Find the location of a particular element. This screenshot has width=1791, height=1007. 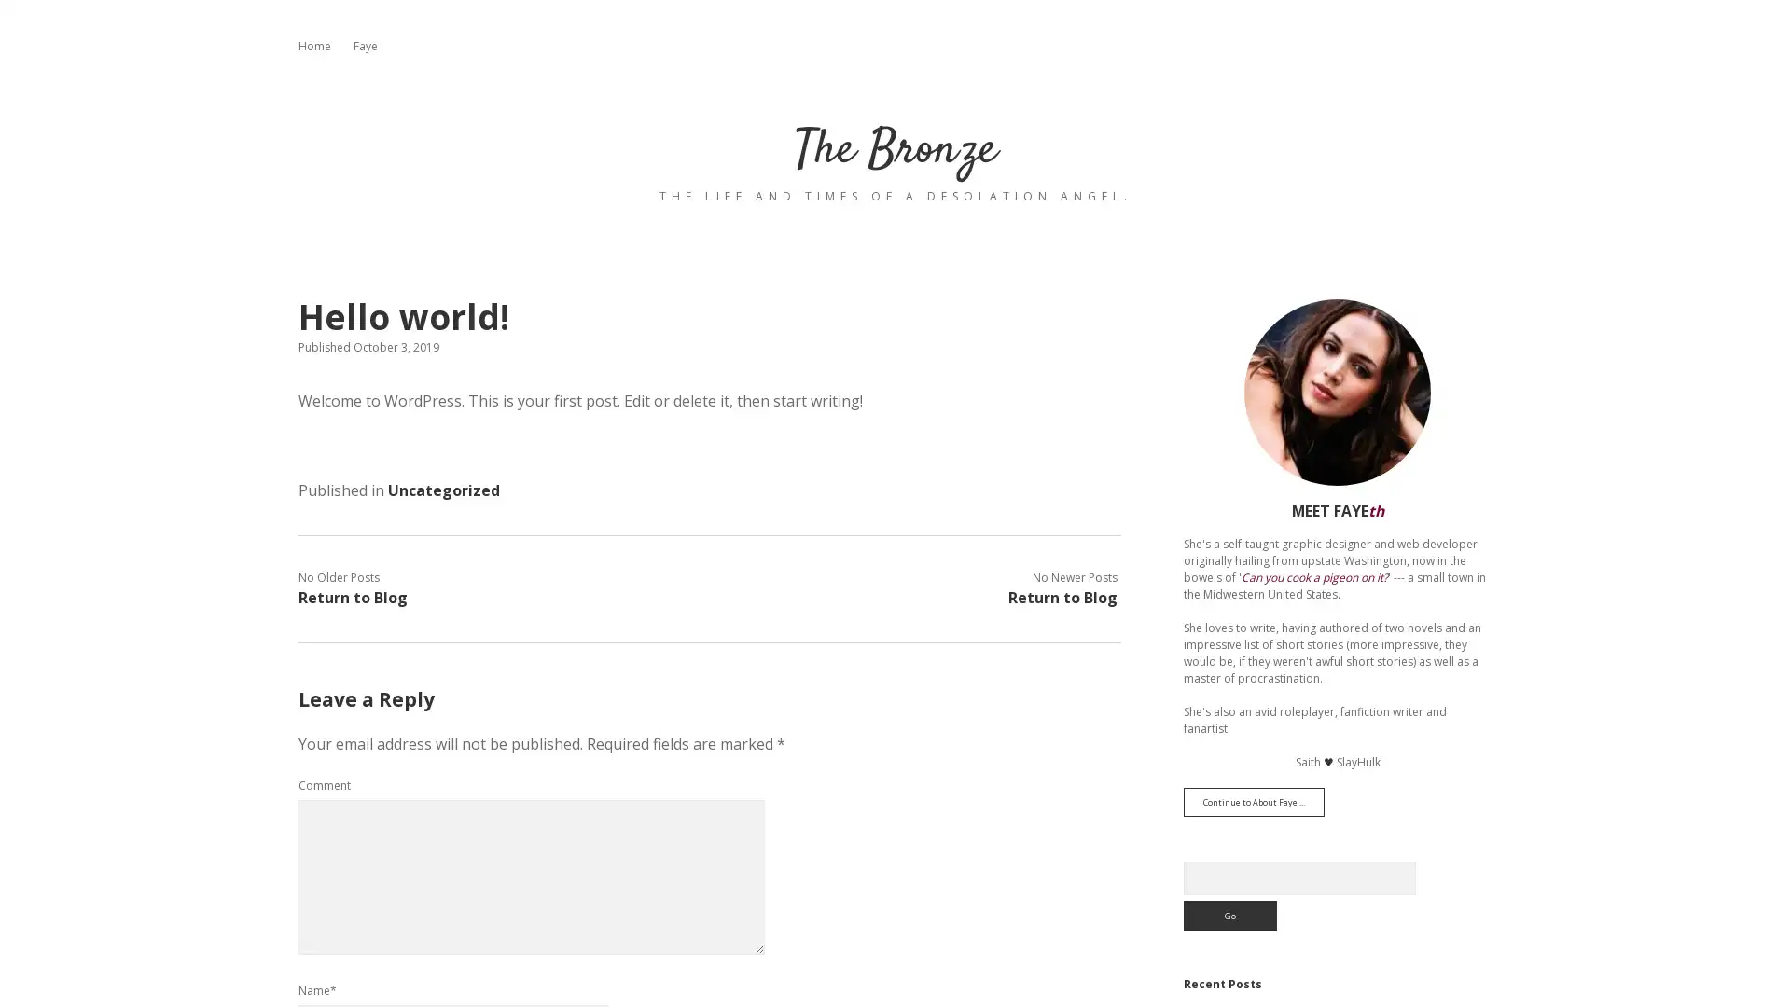

Go is located at coordinates (1229, 915).